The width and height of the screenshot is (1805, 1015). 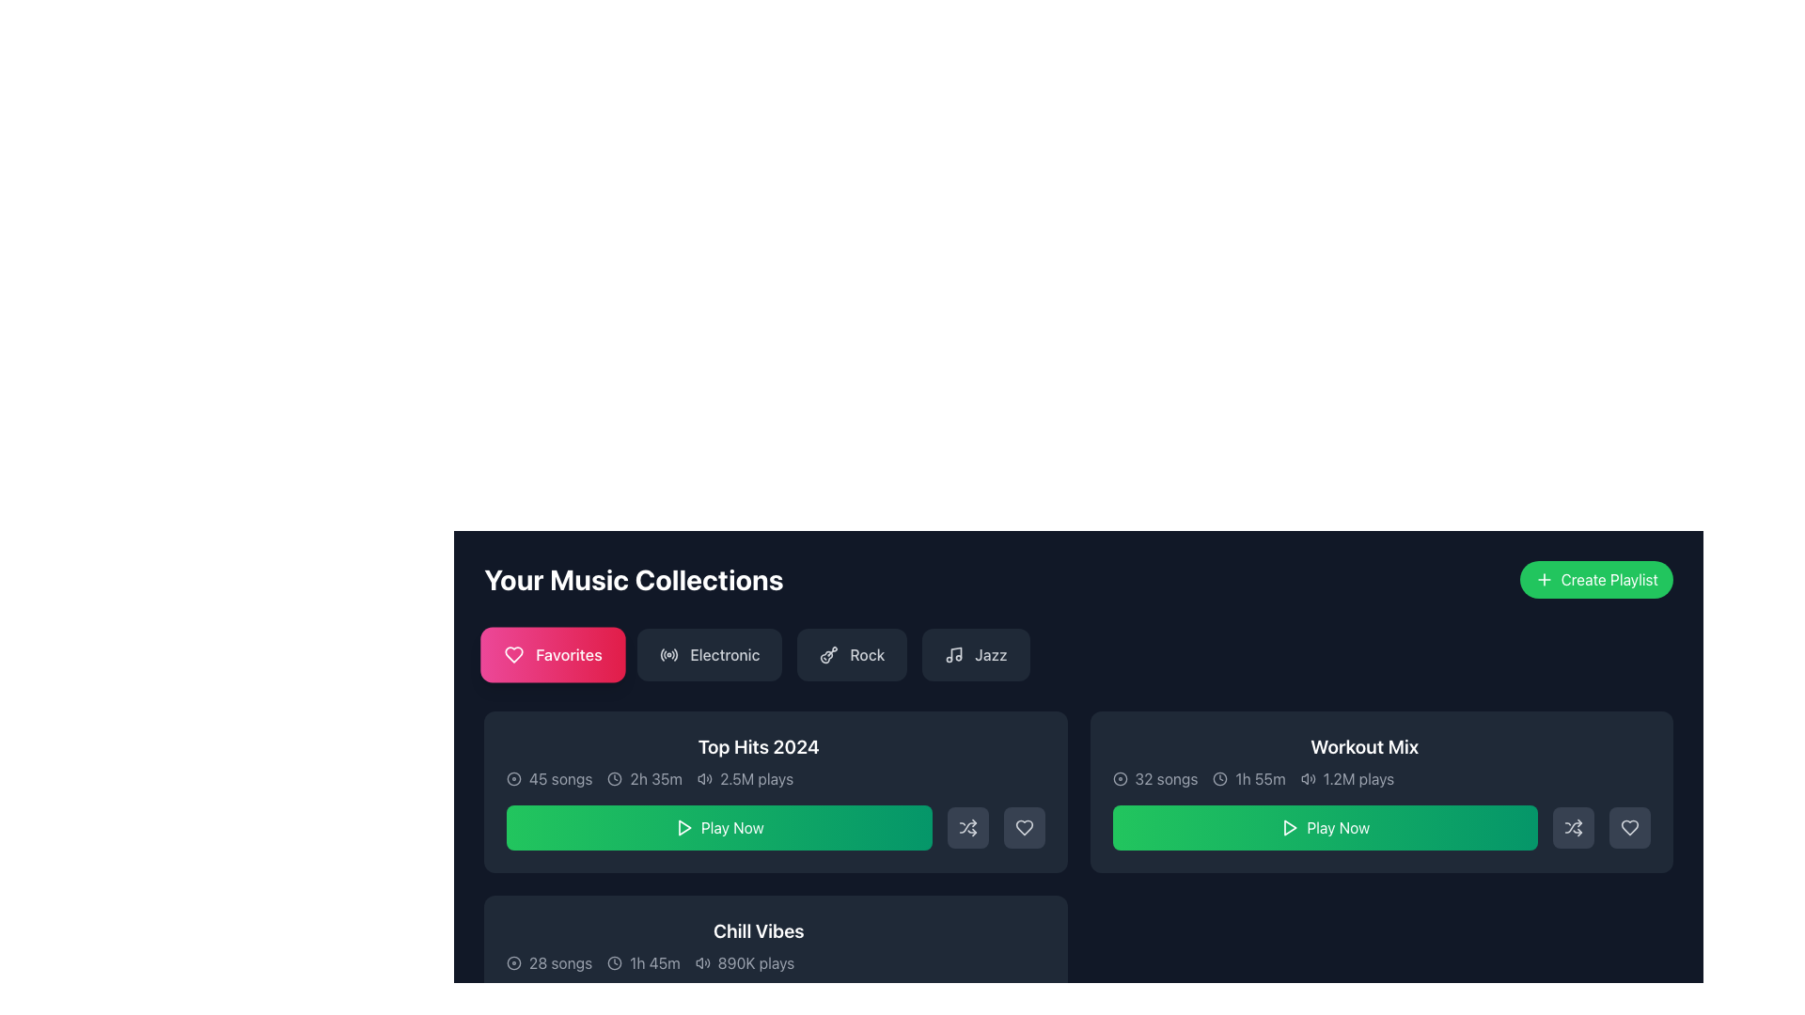 What do you see at coordinates (1023, 826) in the screenshot?
I see `the heart-shaped icon outlined in white, located within the rectangular button area to the right of the 'Top Hits 2024' card's action buttons group` at bounding box center [1023, 826].